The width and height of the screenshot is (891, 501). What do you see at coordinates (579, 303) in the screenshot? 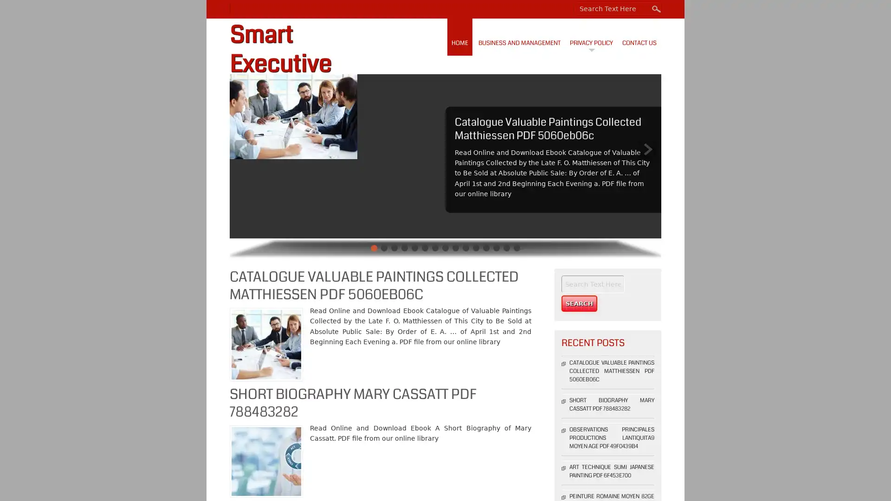
I see `Search` at bounding box center [579, 303].